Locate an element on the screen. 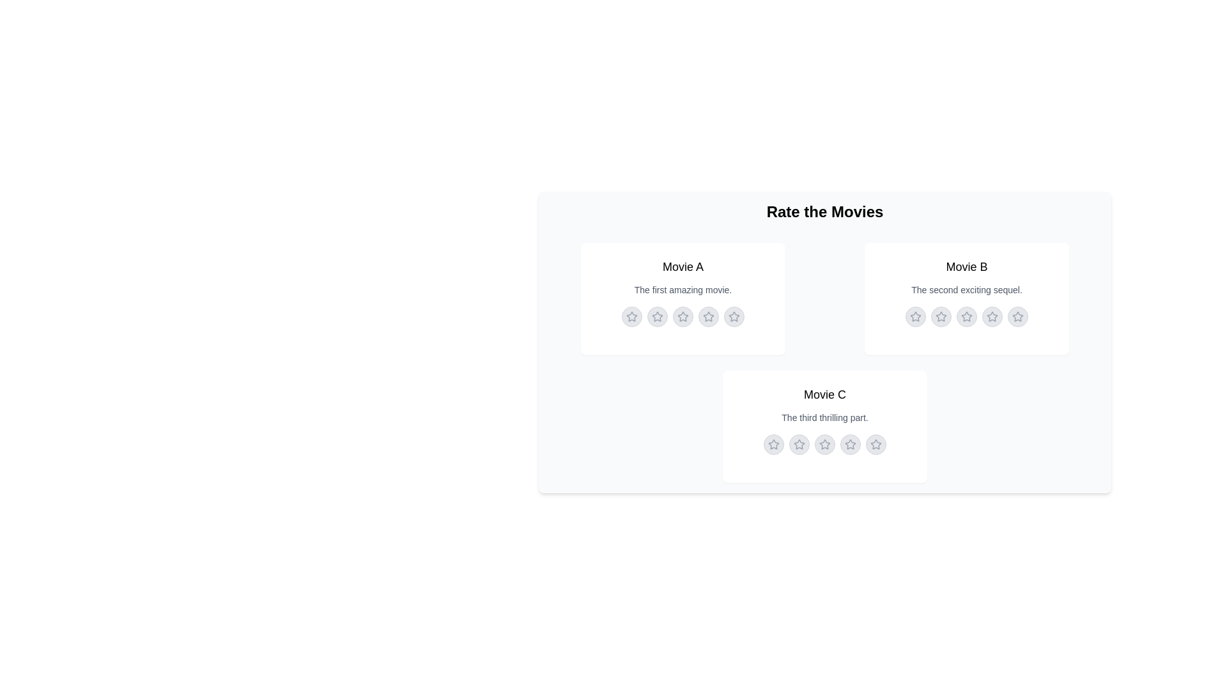  the second rating button for 'Movie A' to activate its hover state is located at coordinates (657, 316).